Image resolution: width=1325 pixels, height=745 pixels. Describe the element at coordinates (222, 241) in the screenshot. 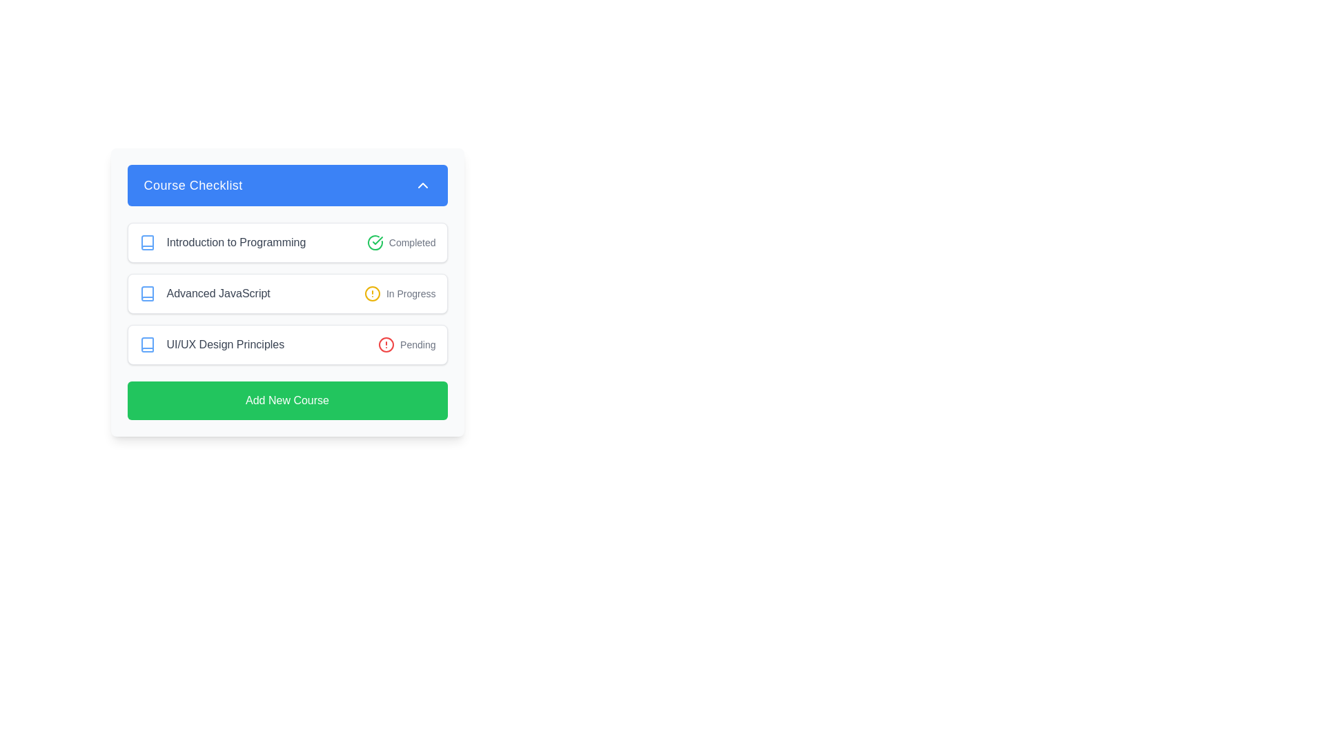

I see `the 'Introduction to Programming' text with icon, which features a blue outlined book icon to the left and is the first item in the 'Course Checklist' section` at that location.